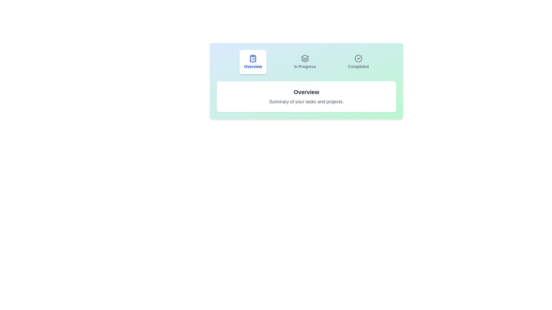  Describe the element at coordinates (358, 62) in the screenshot. I see `the Completed tab to view its content` at that location.